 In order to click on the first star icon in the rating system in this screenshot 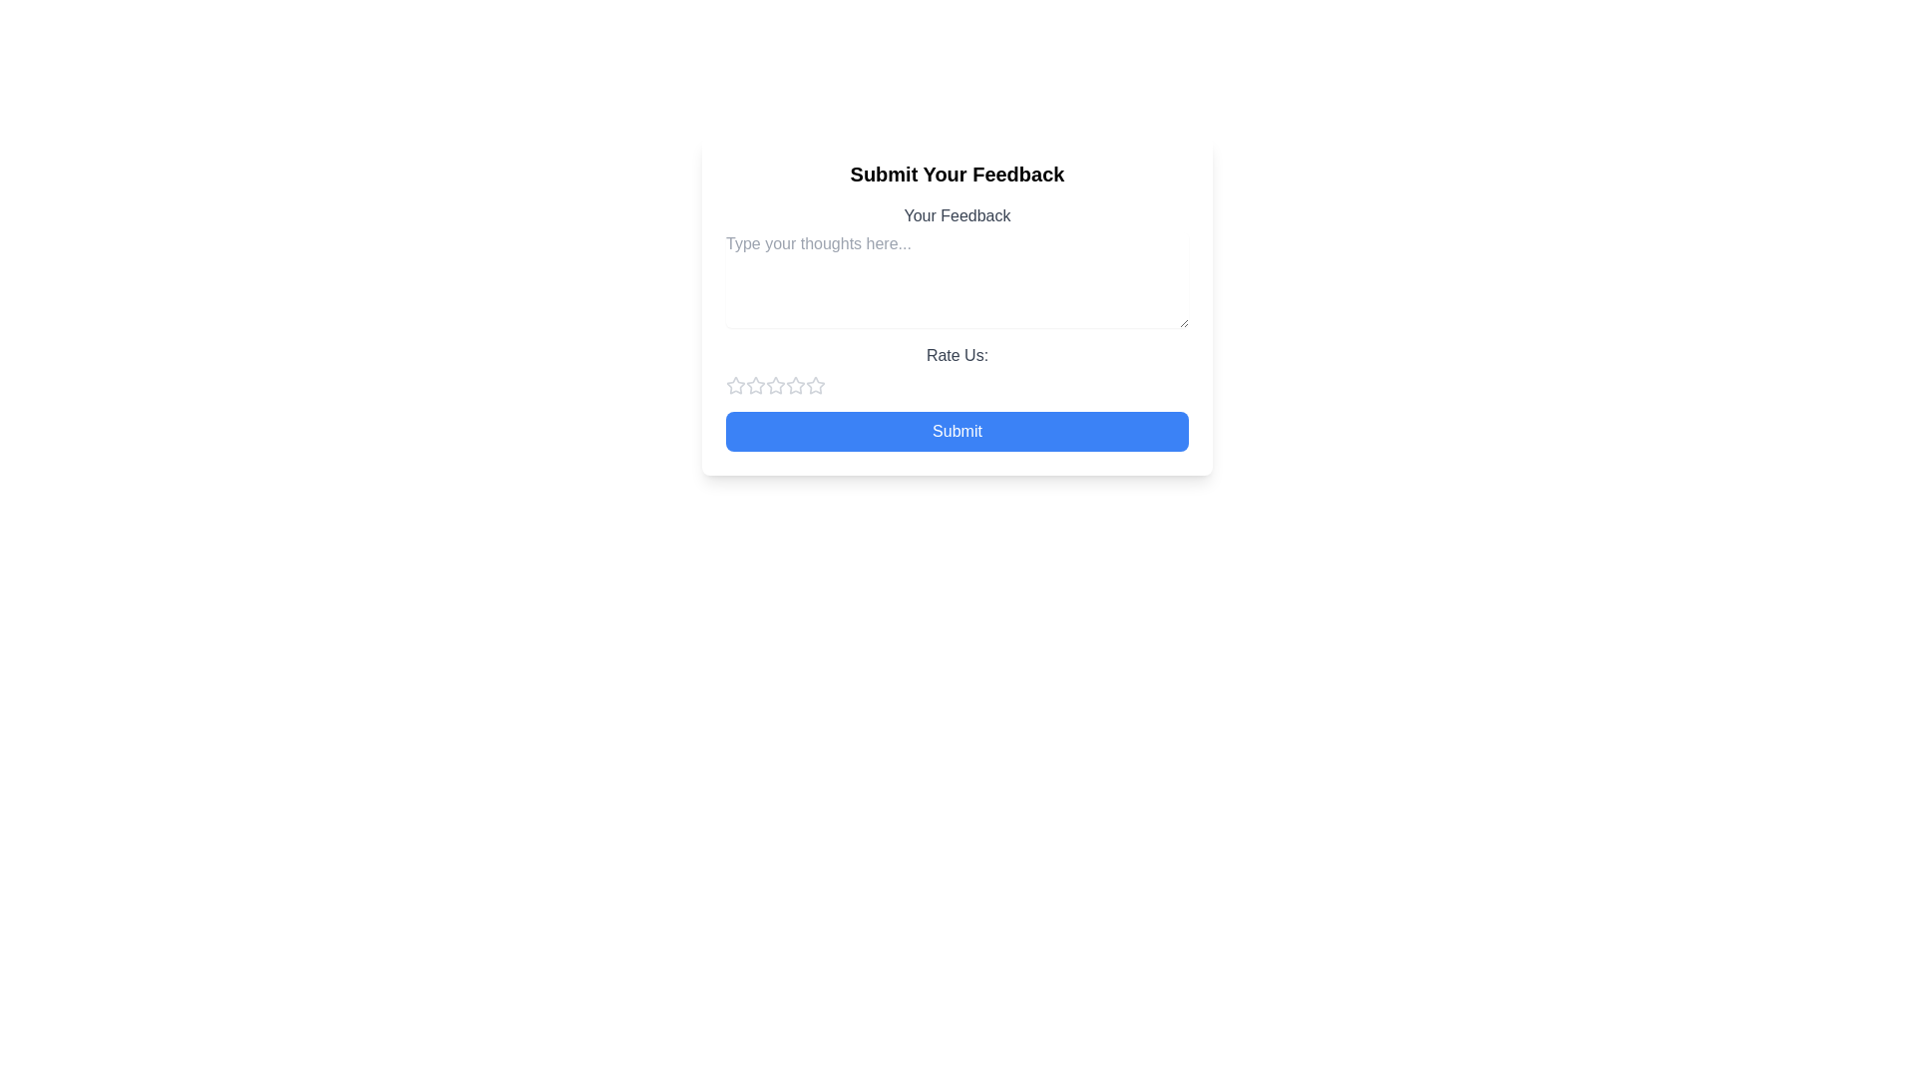, I will do `click(735, 385)`.